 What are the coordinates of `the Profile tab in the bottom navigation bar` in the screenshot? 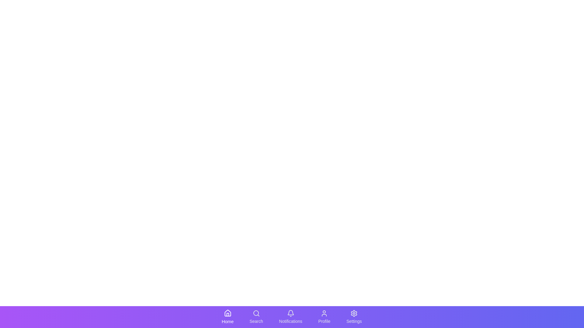 It's located at (324, 317).